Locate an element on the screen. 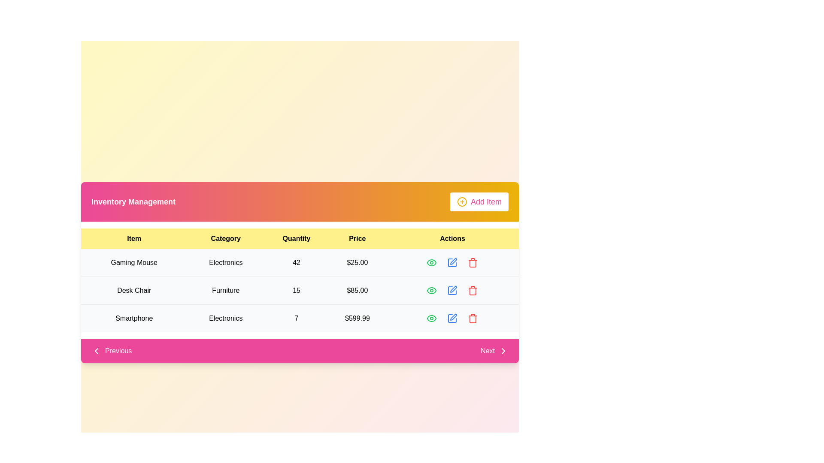  the pen icon button located in the 'Actions' column of the table corresponding to 'Desk Chair' is located at coordinates (453, 289).